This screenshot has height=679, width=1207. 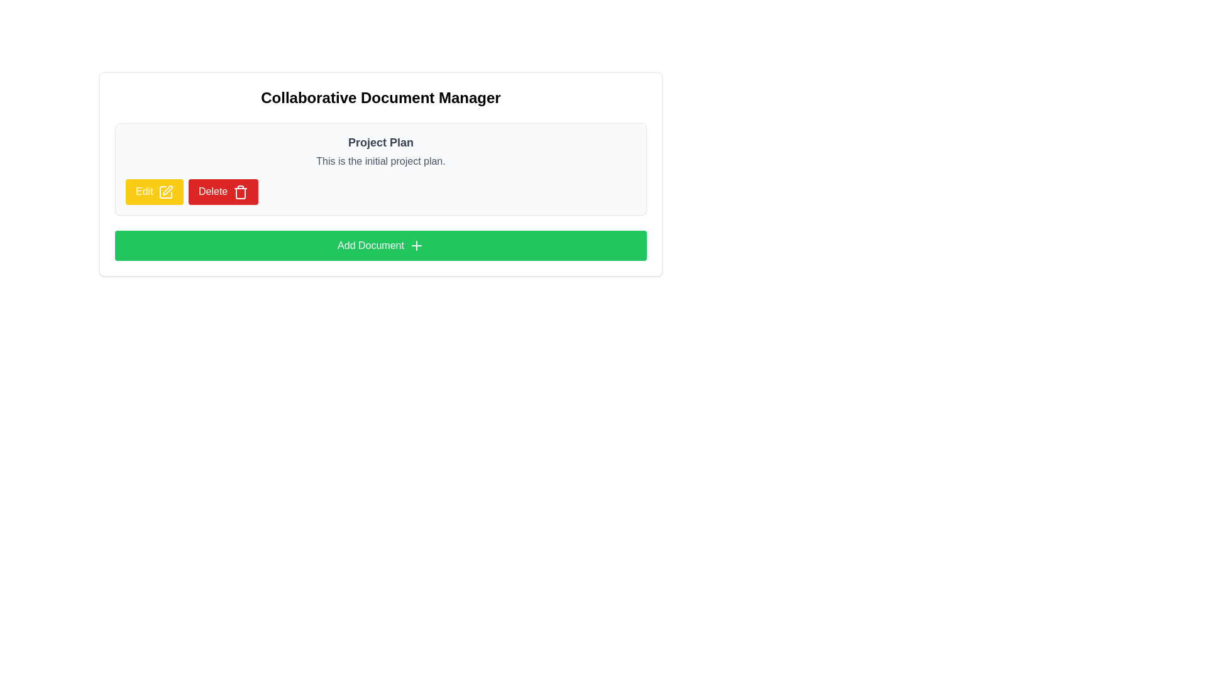 I want to click on the pen icon representing the edit functionality located within the 'Edit' button, positioned to the left of the 'Delete' button's trash bin icon, below the 'Project Plan' title, so click(x=167, y=190).